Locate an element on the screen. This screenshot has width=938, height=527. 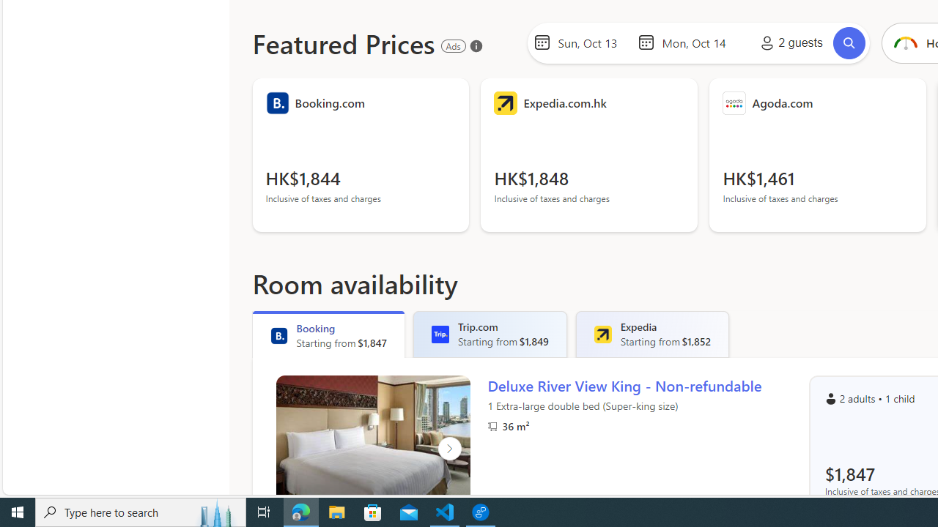
'Start Date' is located at coordinates (594, 41).